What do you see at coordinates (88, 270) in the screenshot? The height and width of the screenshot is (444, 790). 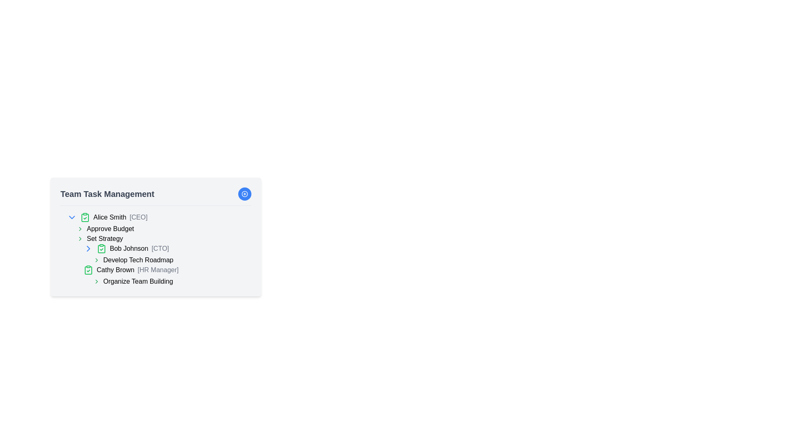 I see `the status of the clipboard icon with a checkmark, which is styled with a green color scheme and located to the immediate left of the text 'Cathy Brown [HR Manager]' in the 'Team Task Management' section` at bounding box center [88, 270].